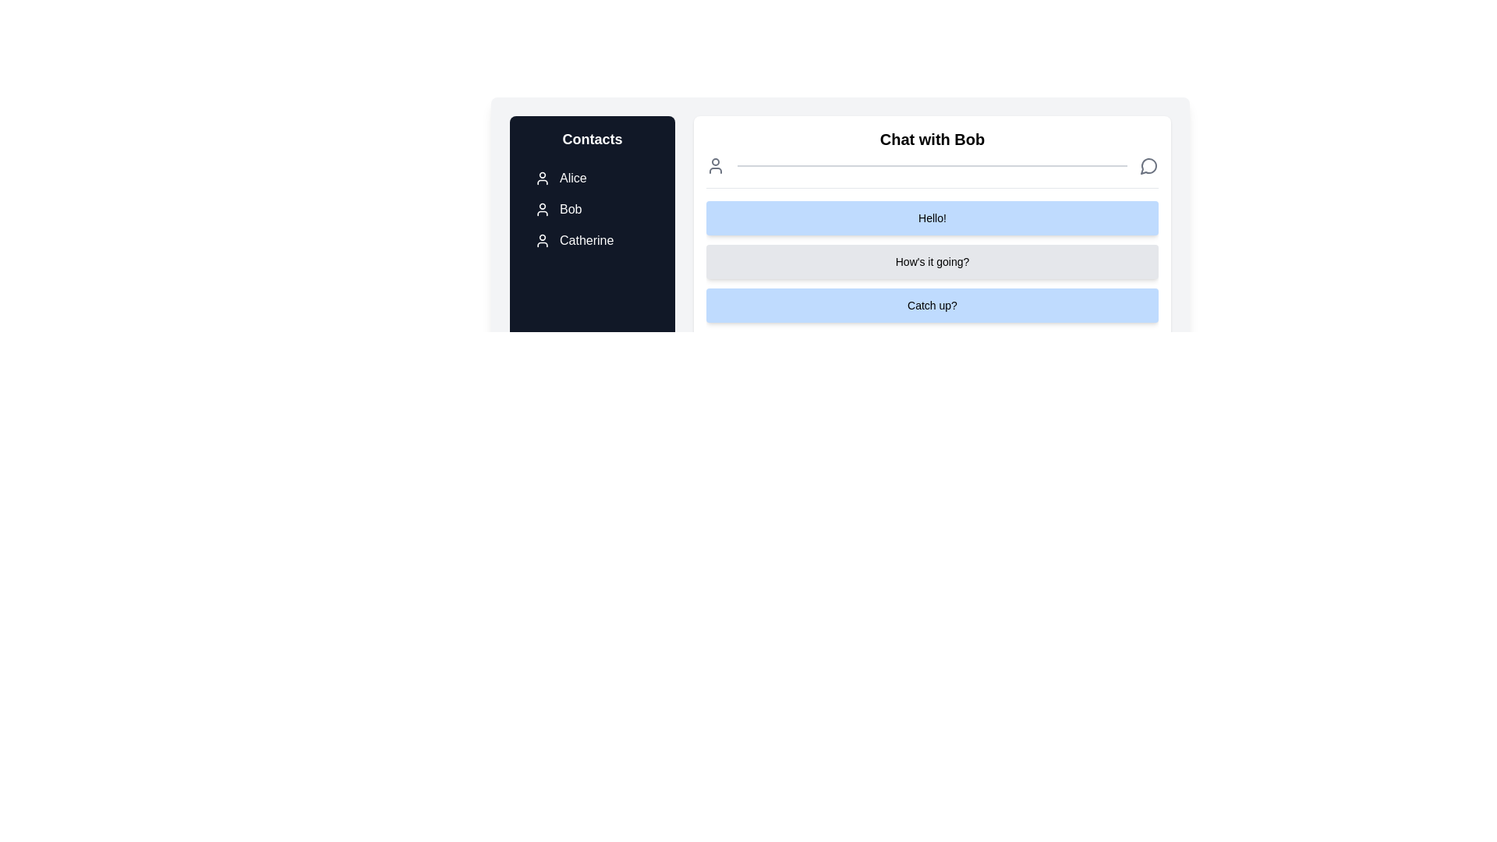 This screenshot has width=1497, height=842. What do you see at coordinates (591, 177) in the screenshot?
I see `the contact entry button for 'Alice' located in the vertical list of contacts in the left sidebar to possibly reveal additional details` at bounding box center [591, 177].